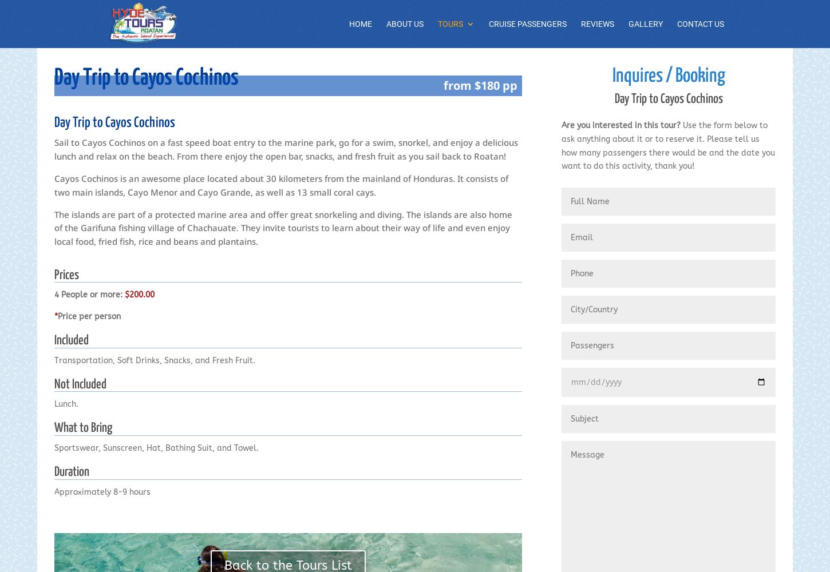 The image size is (830, 572). Describe the element at coordinates (360, 24) in the screenshot. I see `'Home'` at that location.